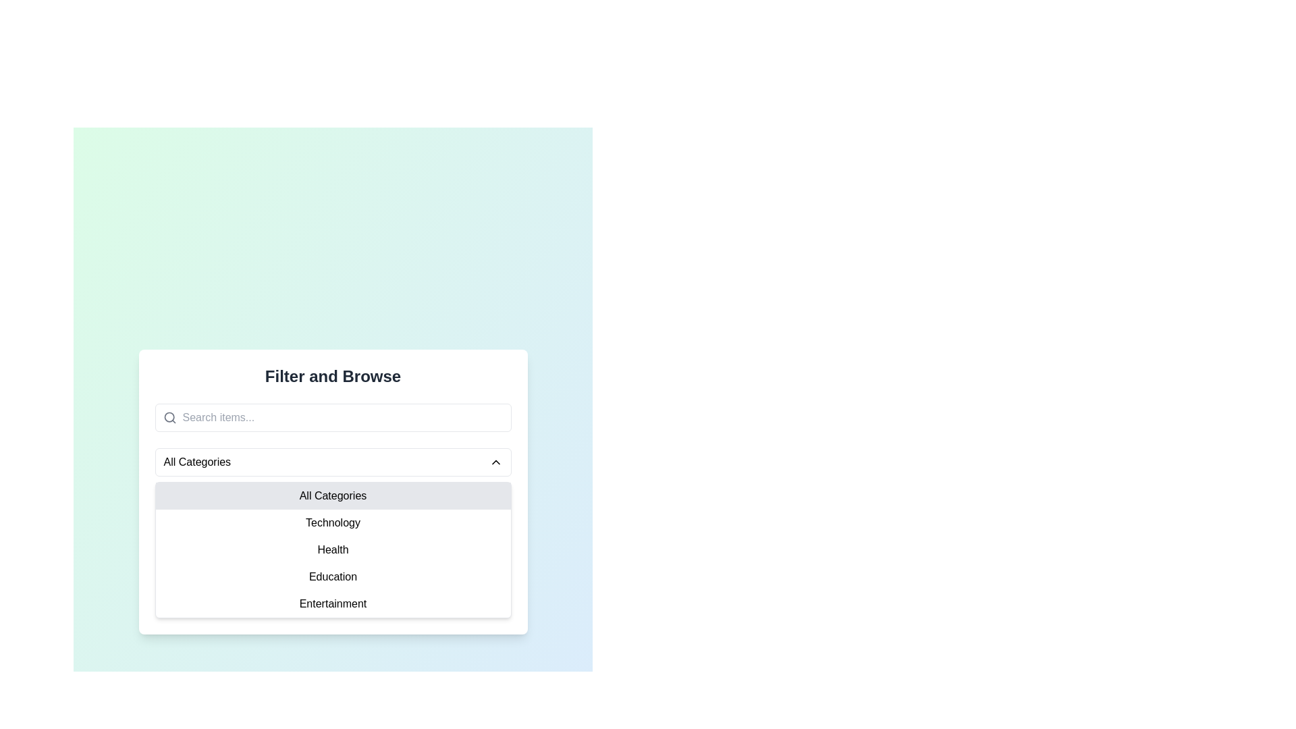  What do you see at coordinates (333, 522) in the screenshot?
I see `the second item in the category filter menu under 'Filter and Browse'` at bounding box center [333, 522].